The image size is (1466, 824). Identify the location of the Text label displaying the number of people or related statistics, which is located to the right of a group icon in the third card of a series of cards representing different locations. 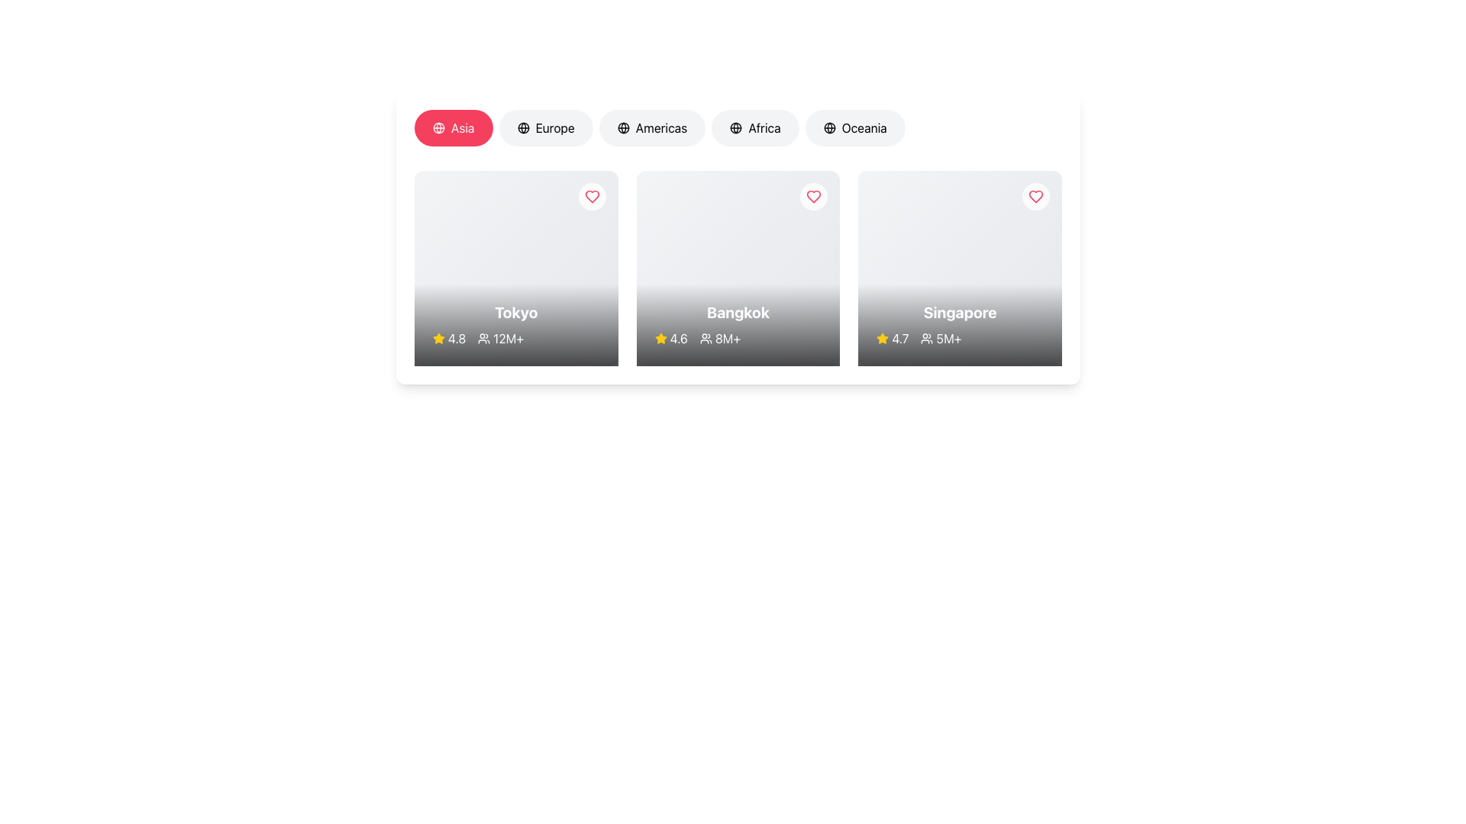
(727, 337).